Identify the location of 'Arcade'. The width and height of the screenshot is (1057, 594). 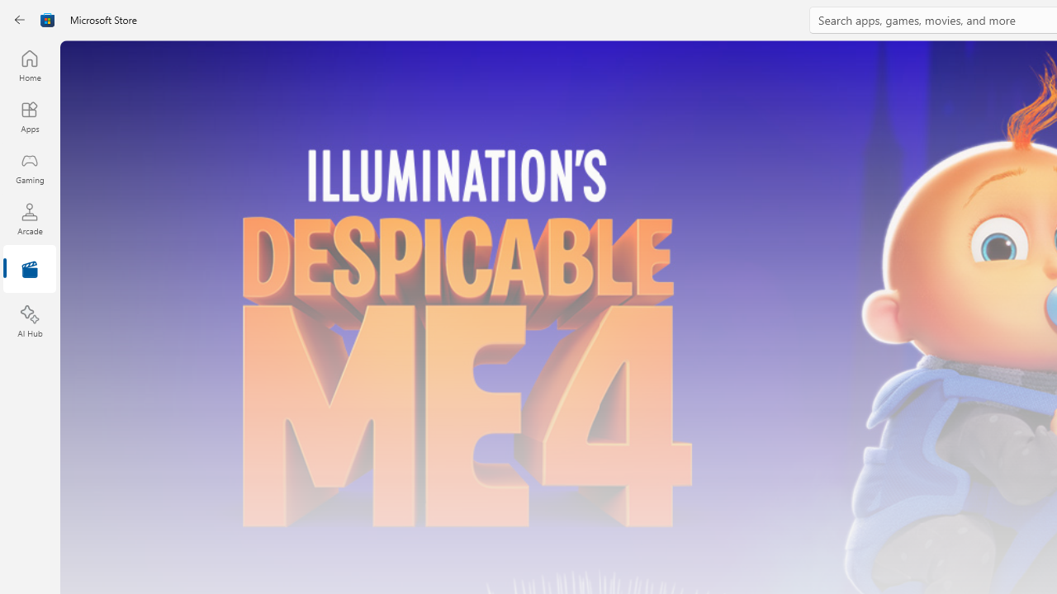
(29, 218).